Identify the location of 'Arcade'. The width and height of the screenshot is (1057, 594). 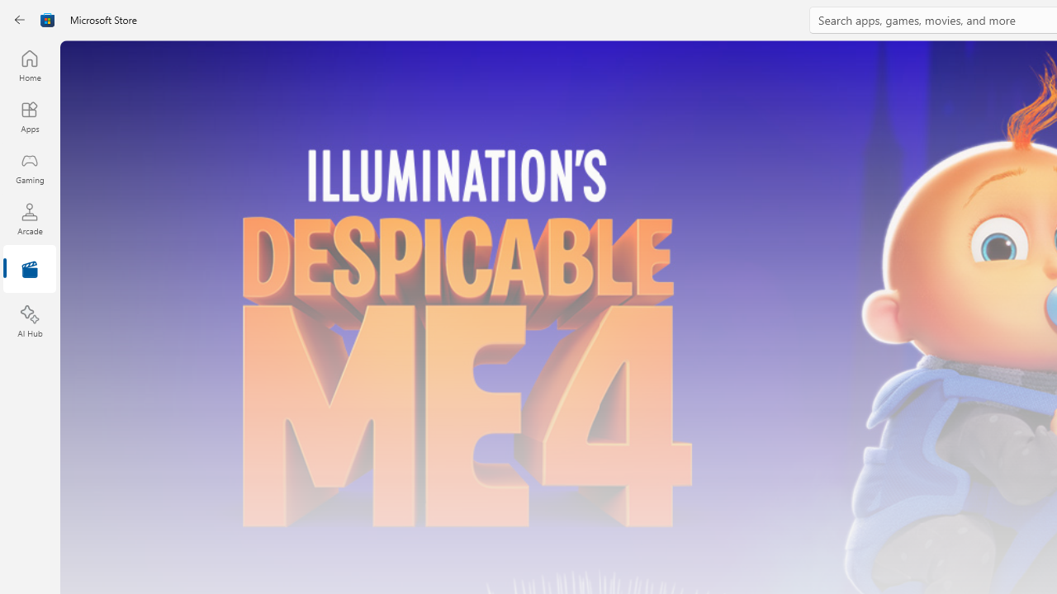
(29, 218).